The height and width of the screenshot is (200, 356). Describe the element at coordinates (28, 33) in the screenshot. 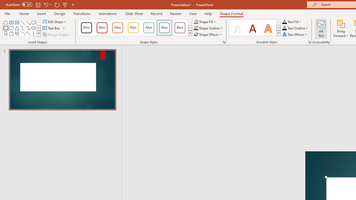

I see `'Curve'` at that location.